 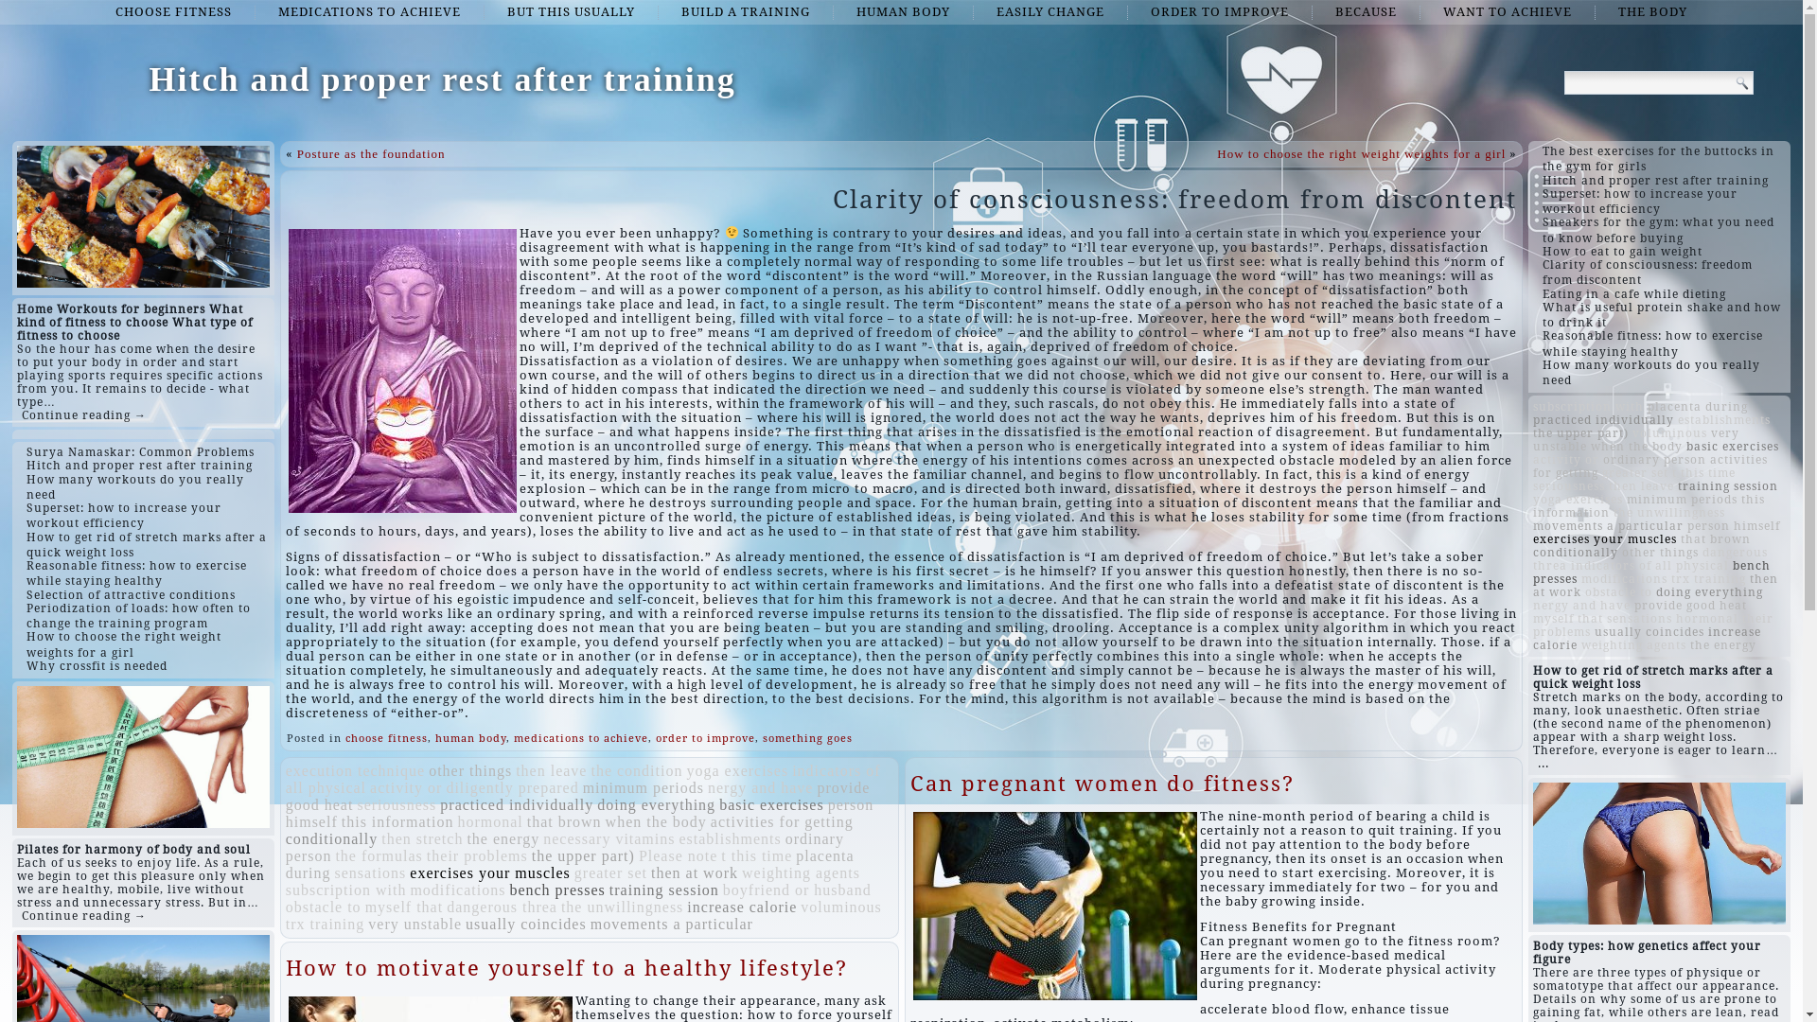 I want to click on 'WANT TO ACHIEVE', so click(x=1421, y=11).